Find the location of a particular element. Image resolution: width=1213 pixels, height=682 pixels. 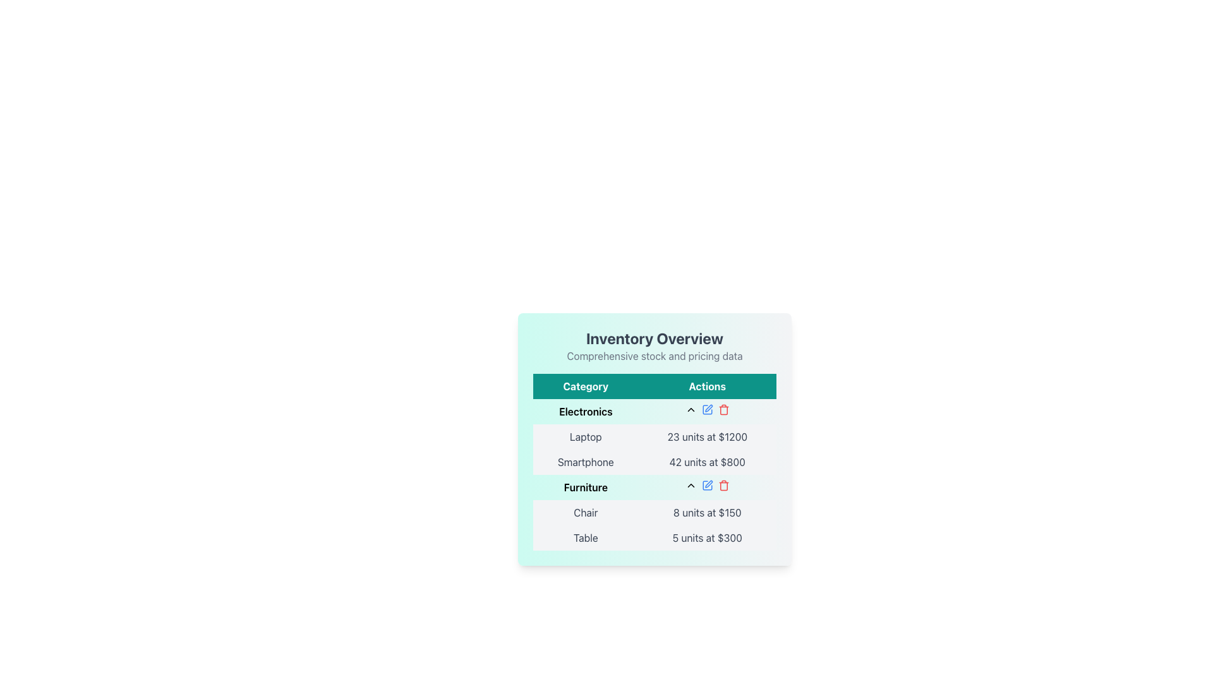

the 'Electronics' category label in the first row of the table under the 'Category' header is located at coordinates (585, 411).